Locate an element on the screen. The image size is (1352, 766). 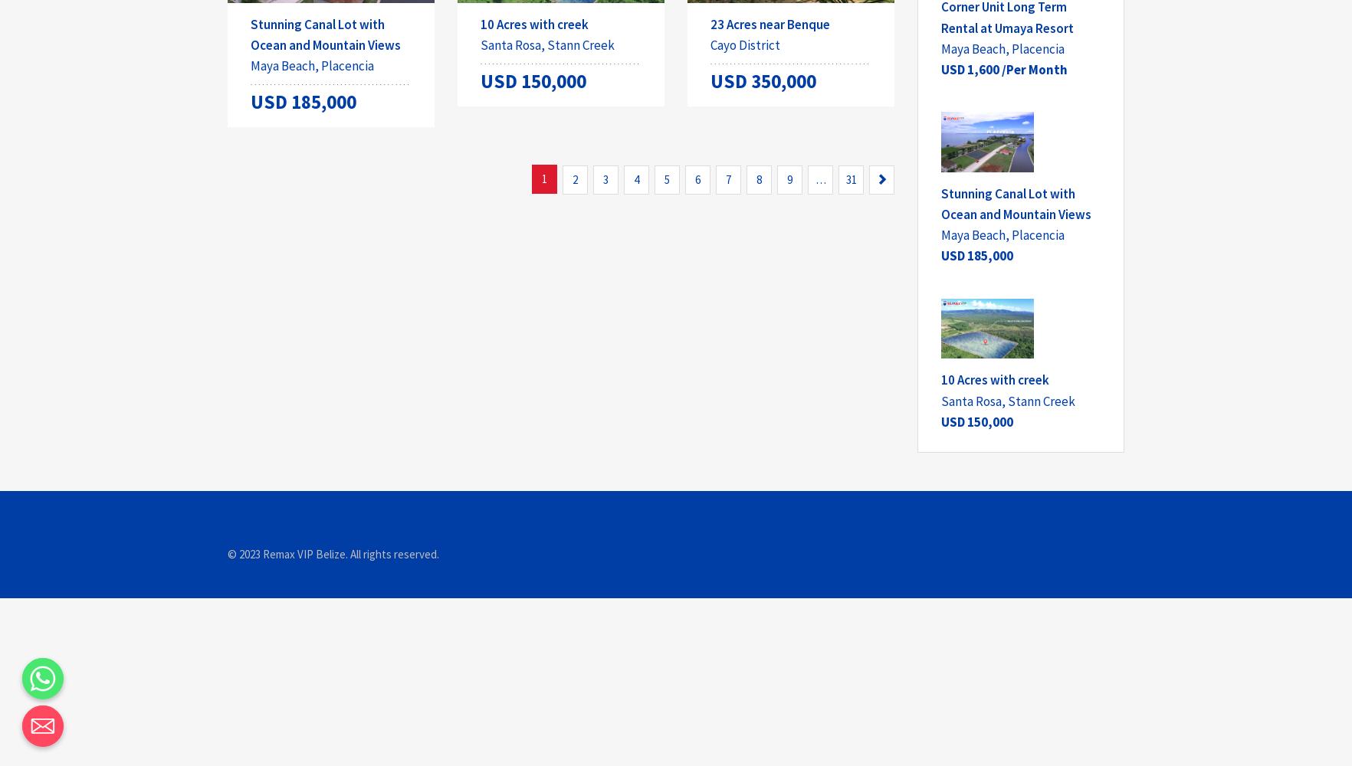
'USD 350,000' is located at coordinates (763, 80).